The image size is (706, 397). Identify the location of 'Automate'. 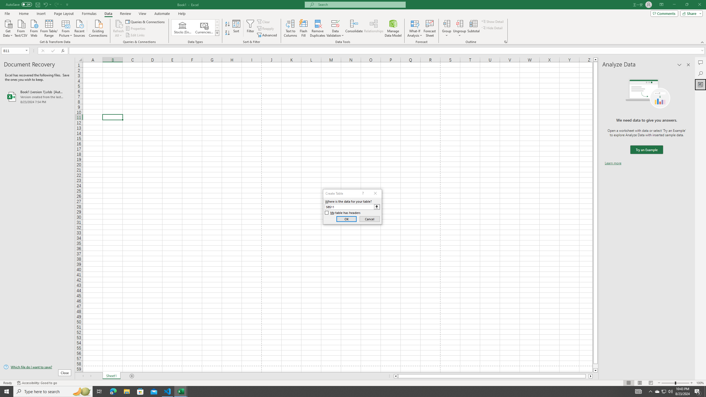
(162, 14).